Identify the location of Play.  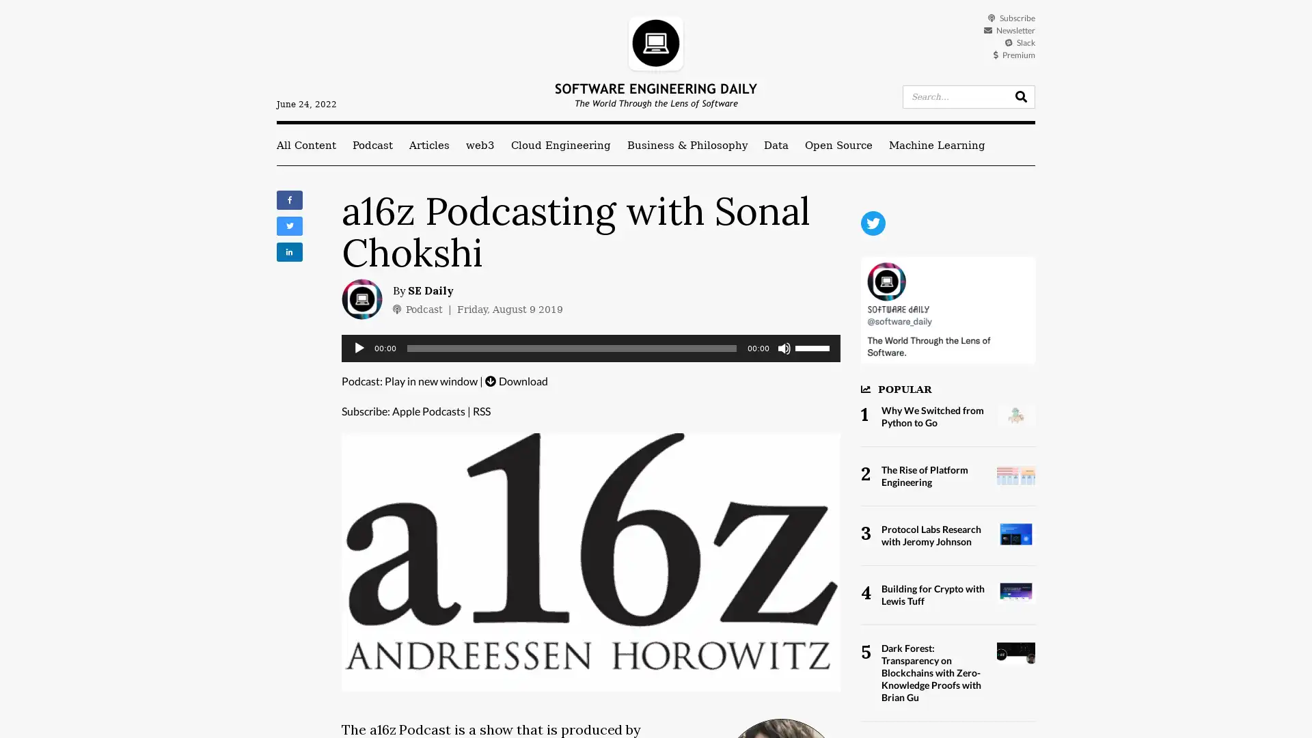
(358, 347).